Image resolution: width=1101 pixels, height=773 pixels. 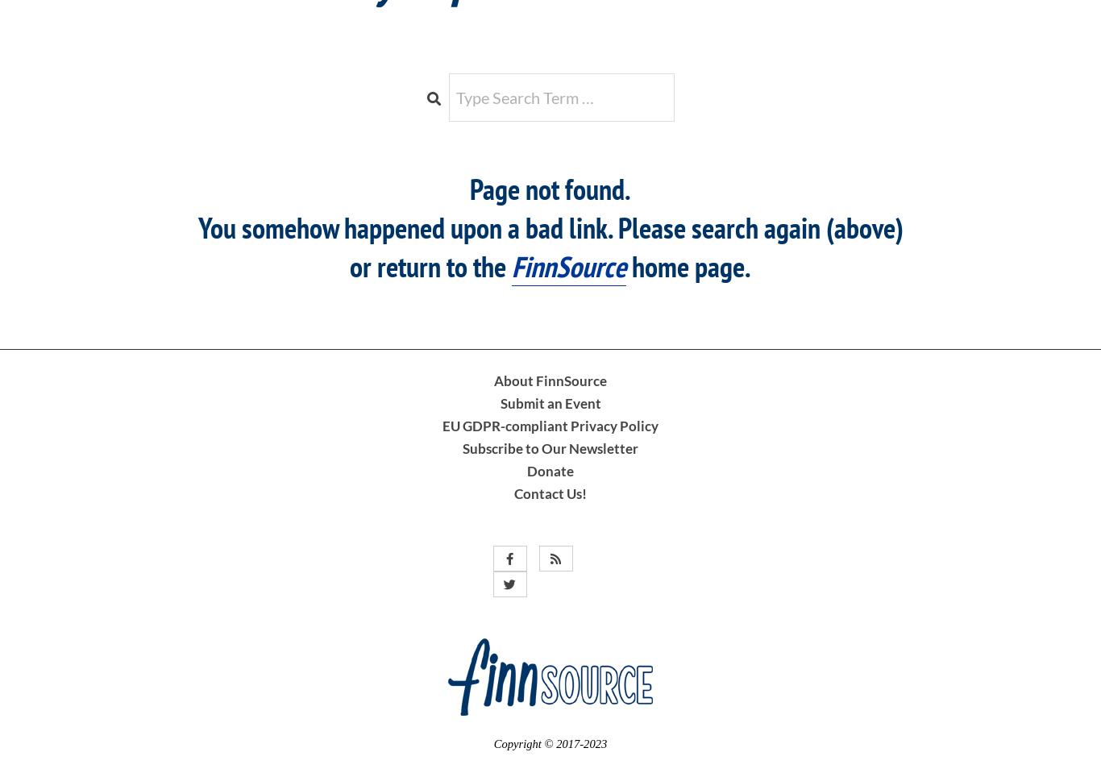 I want to click on 'Page not found.', so click(x=550, y=189).